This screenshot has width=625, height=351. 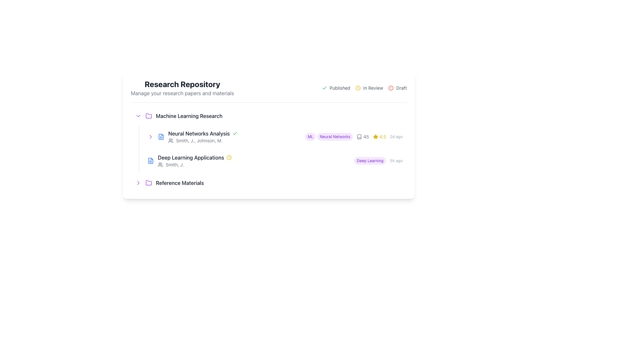 I want to click on the folder icon representing the 'Reference Materials' category, located to the left of the text 'Reference Materials', so click(x=148, y=183).